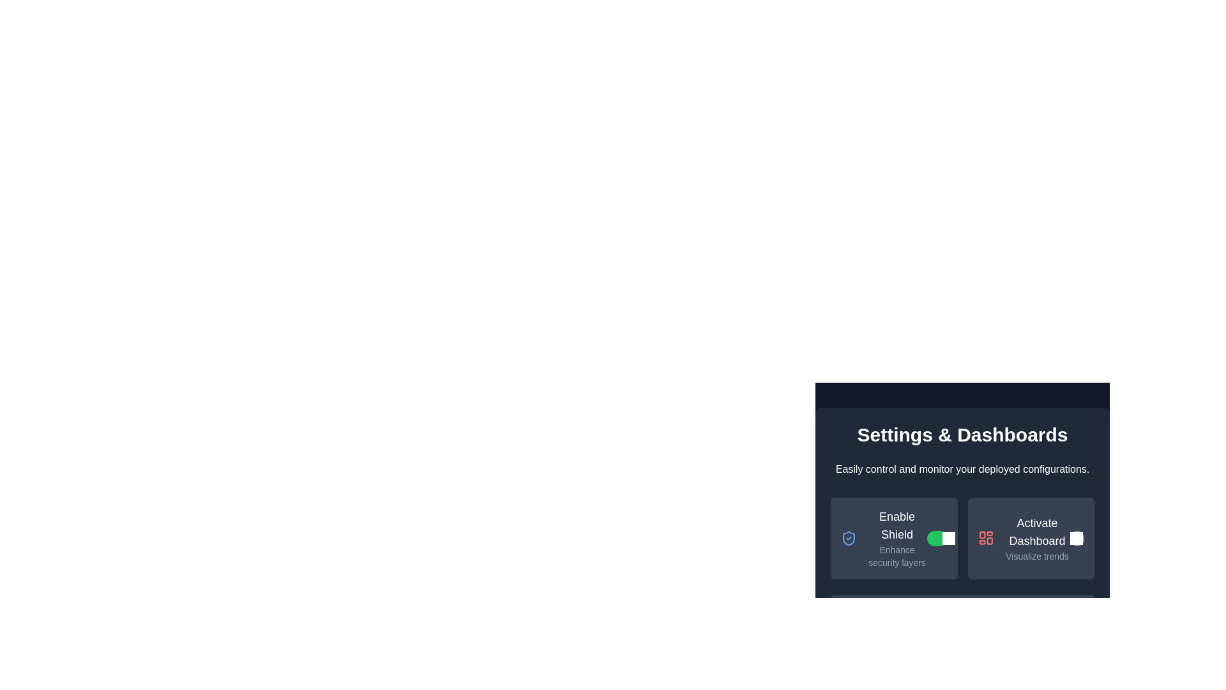 This screenshot has height=690, width=1226. Describe the element at coordinates (897, 556) in the screenshot. I see `the informational text located below the 'Enable Shield' title in the left-side box of the two horizontal panels under the 'Settings & Dashboards' section` at that location.